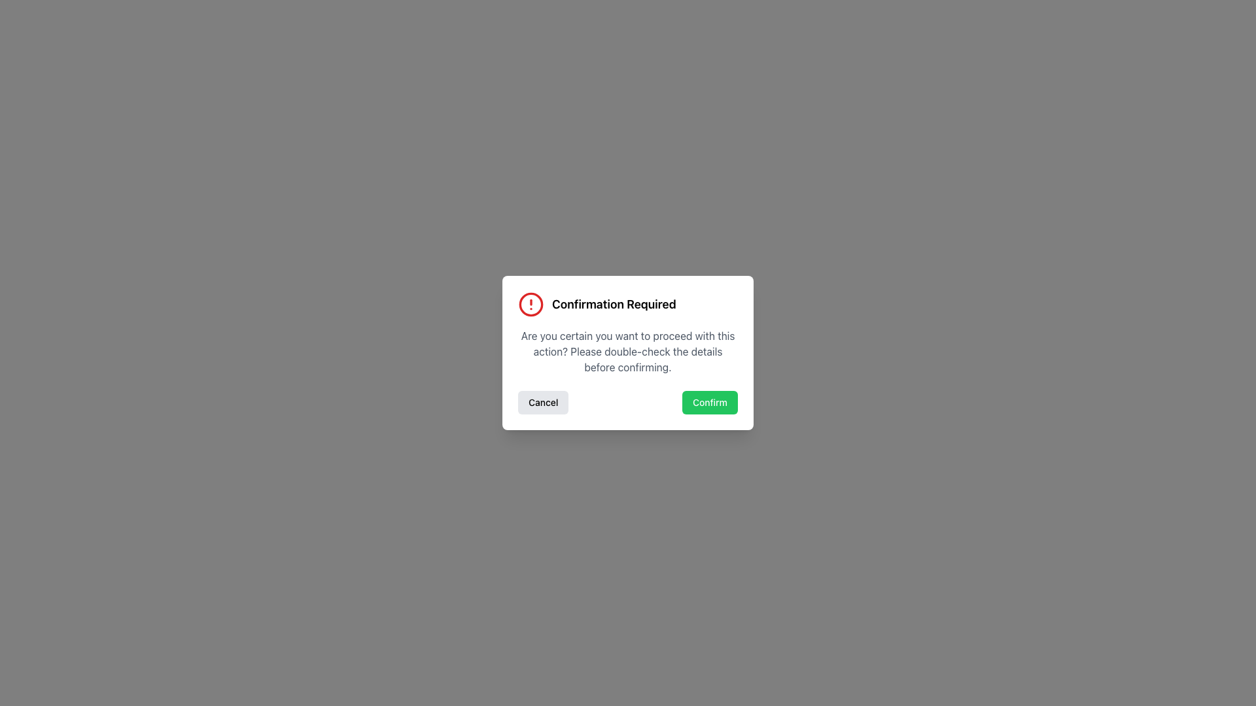 This screenshot has width=1256, height=706. What do you see at coordinates (628, 402) in the screenshot?
I see `the 'Confirm' button in the Button Group, which is located at the bottom-most section of the dialog box and has a green background` at bounding box center [628, 402].